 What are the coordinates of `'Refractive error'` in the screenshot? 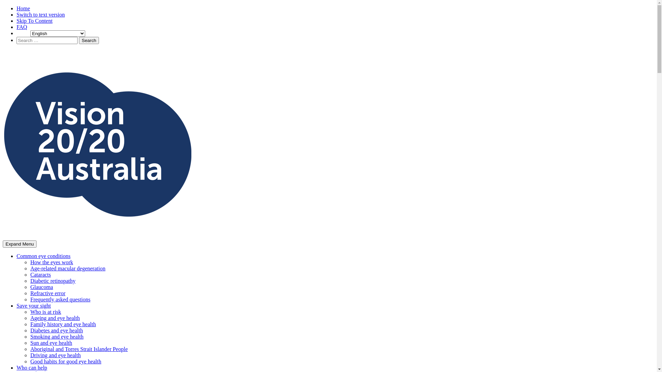 It's located at (30, 293).